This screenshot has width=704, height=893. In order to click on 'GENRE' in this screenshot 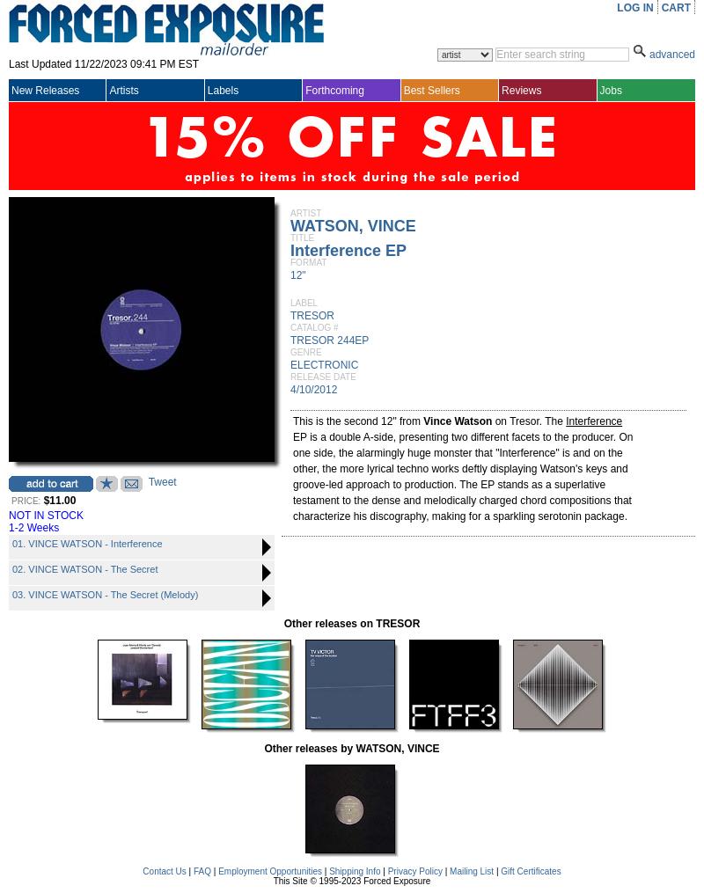, I will do `click(305, 352)`.